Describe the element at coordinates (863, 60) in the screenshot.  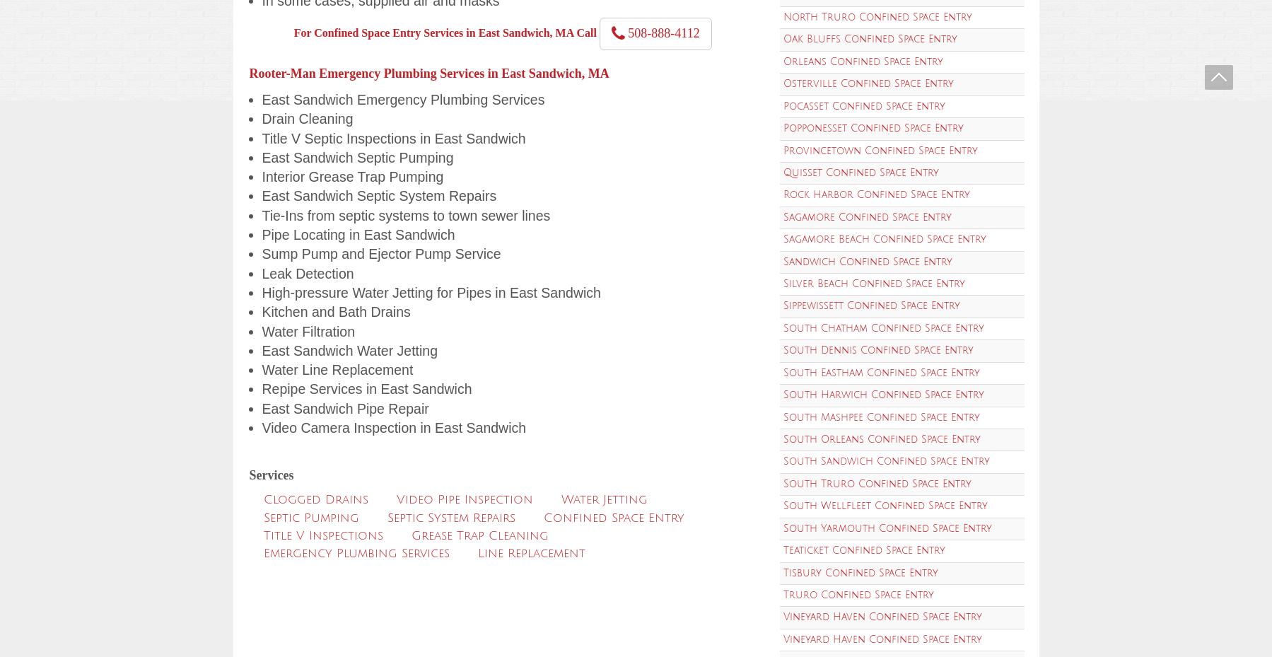
I see `'Orleans Confined Space Entry'` at that location.